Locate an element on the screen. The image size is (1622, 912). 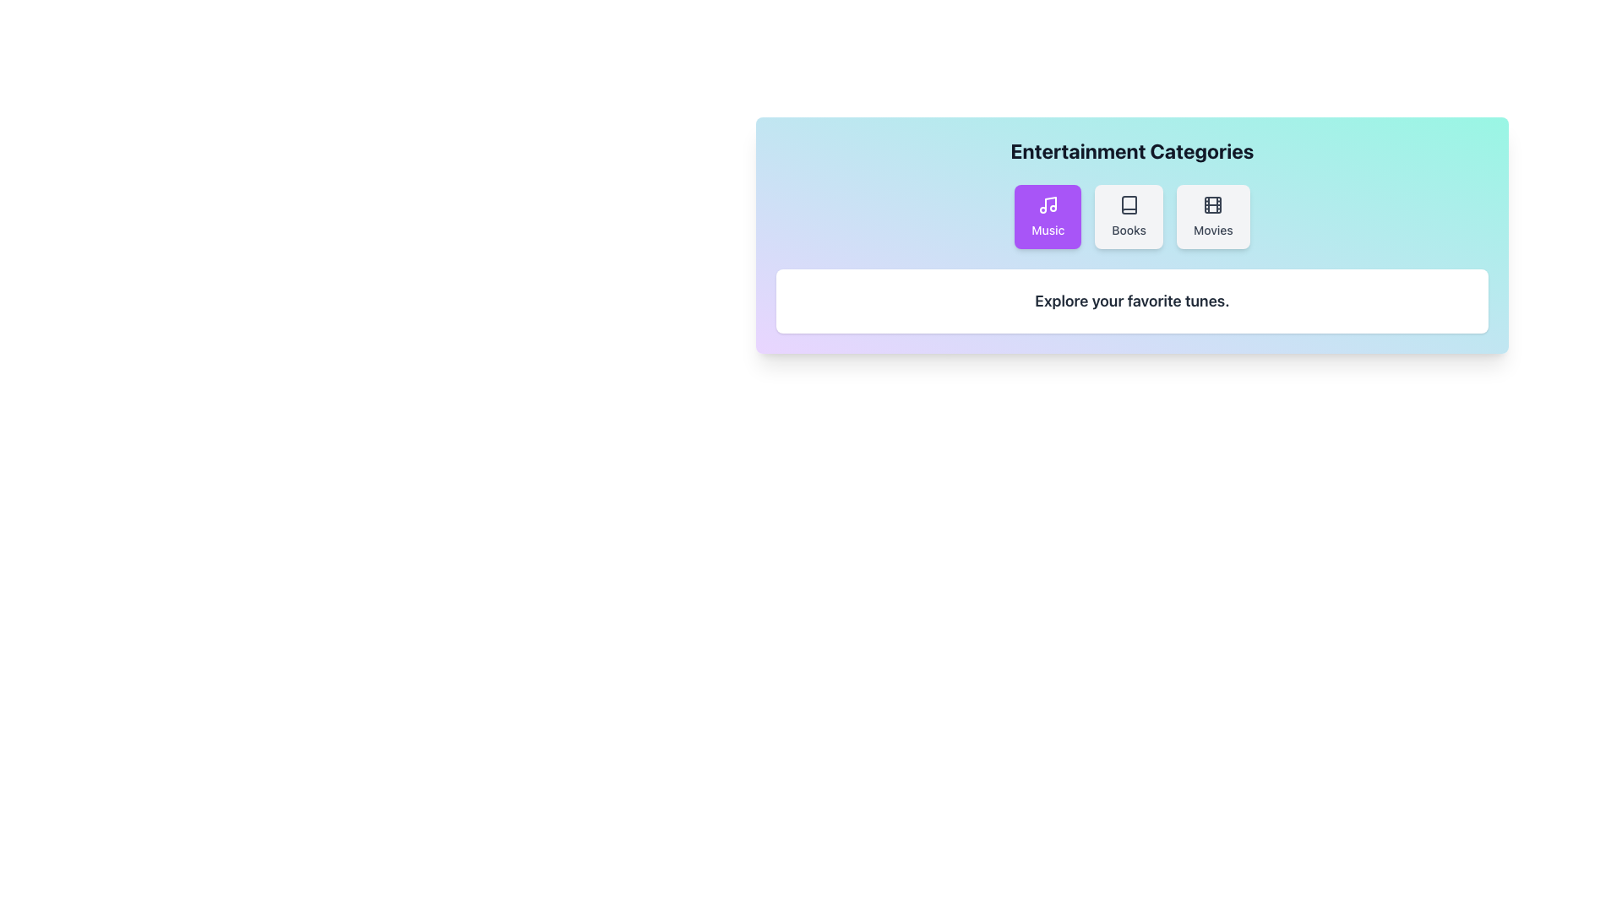
the 'Books' category button in the entertainment menu, which is the middle option in a group of three labeled 'Music', 'Books', and 'Movies' is located at coordinates (1129, 216).